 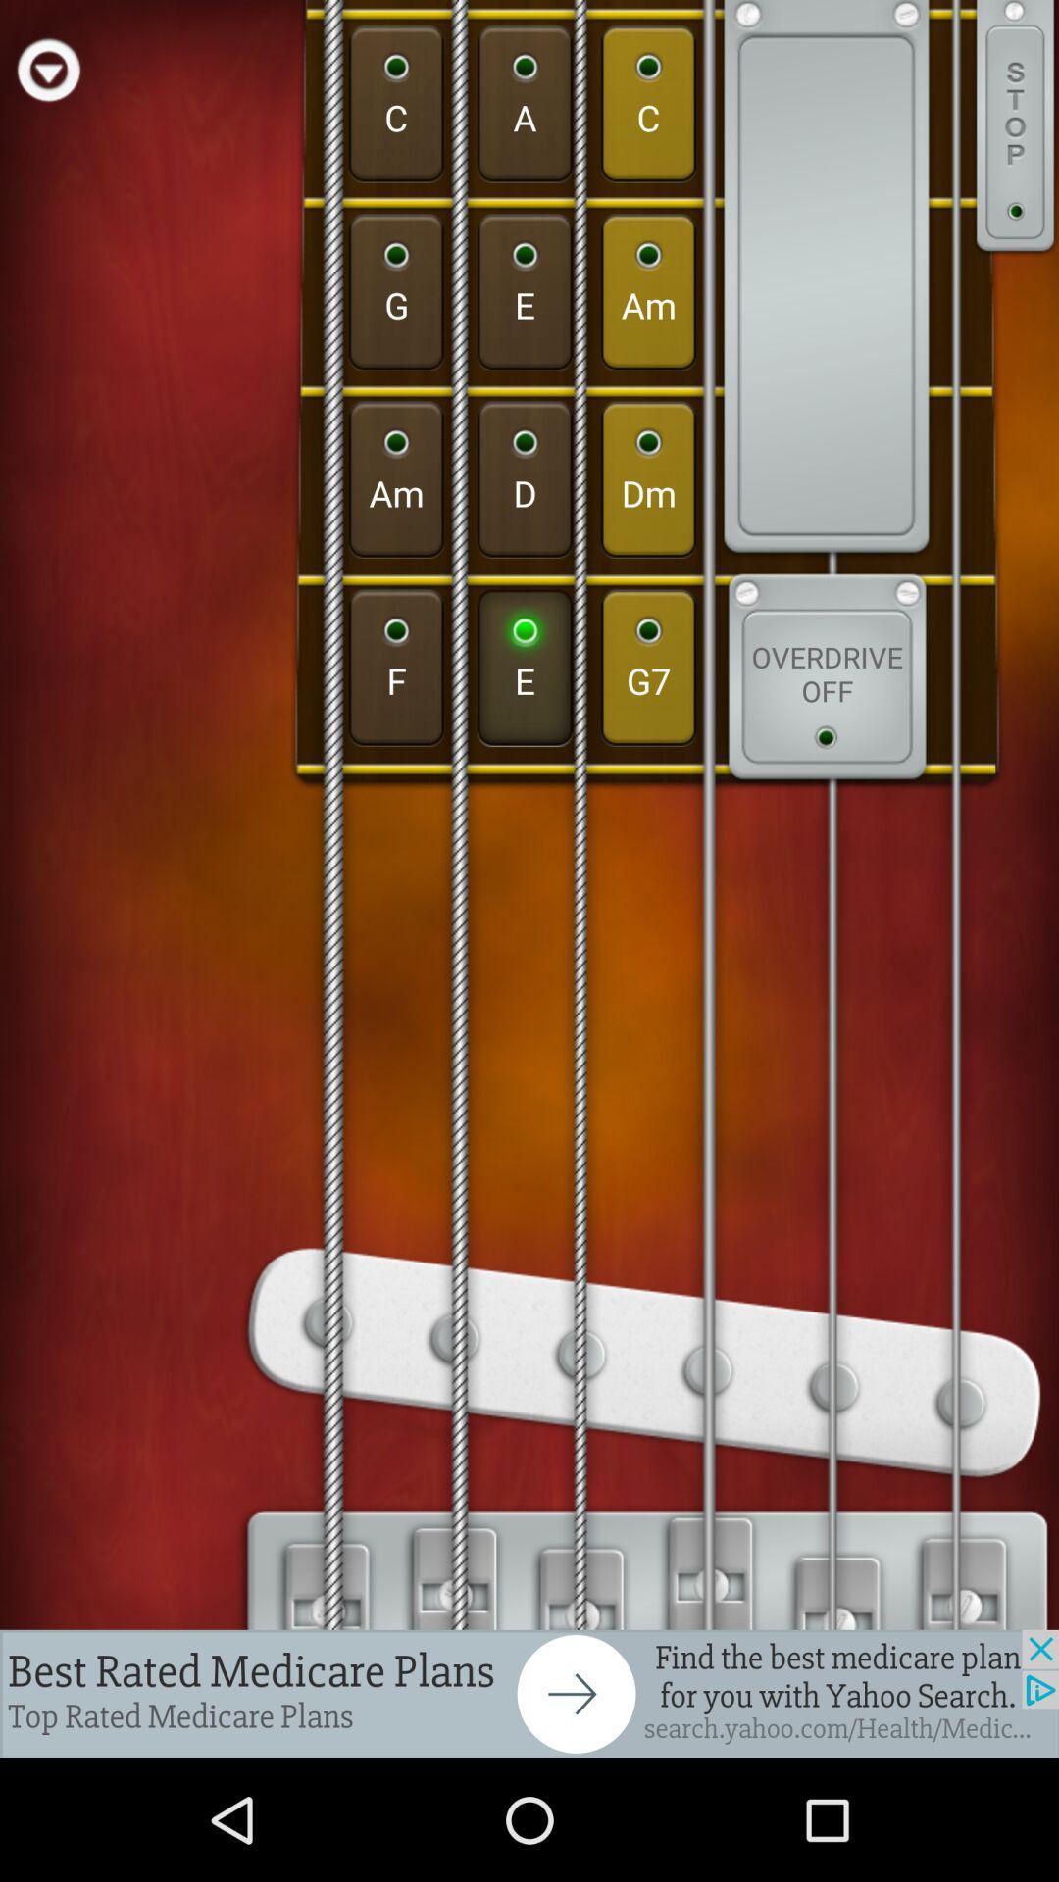 What do you see at coordinates (1015, 127) in the screenshot?
I see `stop` at bounding box center [1015, 127].